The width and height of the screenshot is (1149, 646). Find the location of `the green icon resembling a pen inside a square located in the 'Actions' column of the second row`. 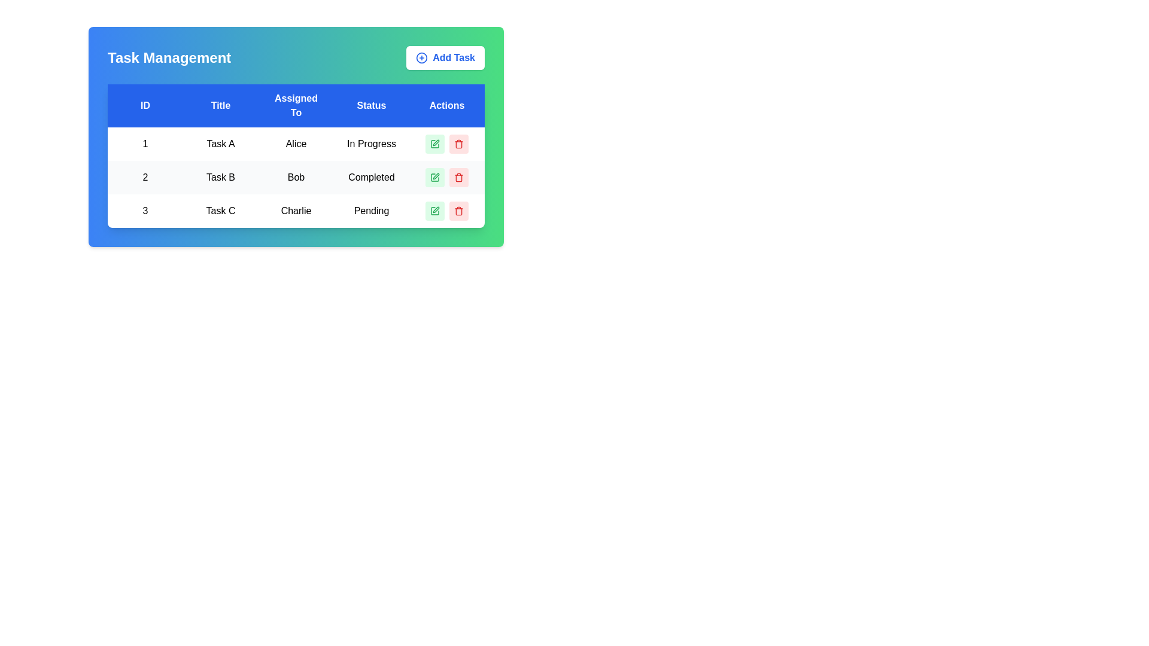

the green icon resembling a pen inside a square located in the 'Actions' column of the second row is located at coordinates (434, 178).